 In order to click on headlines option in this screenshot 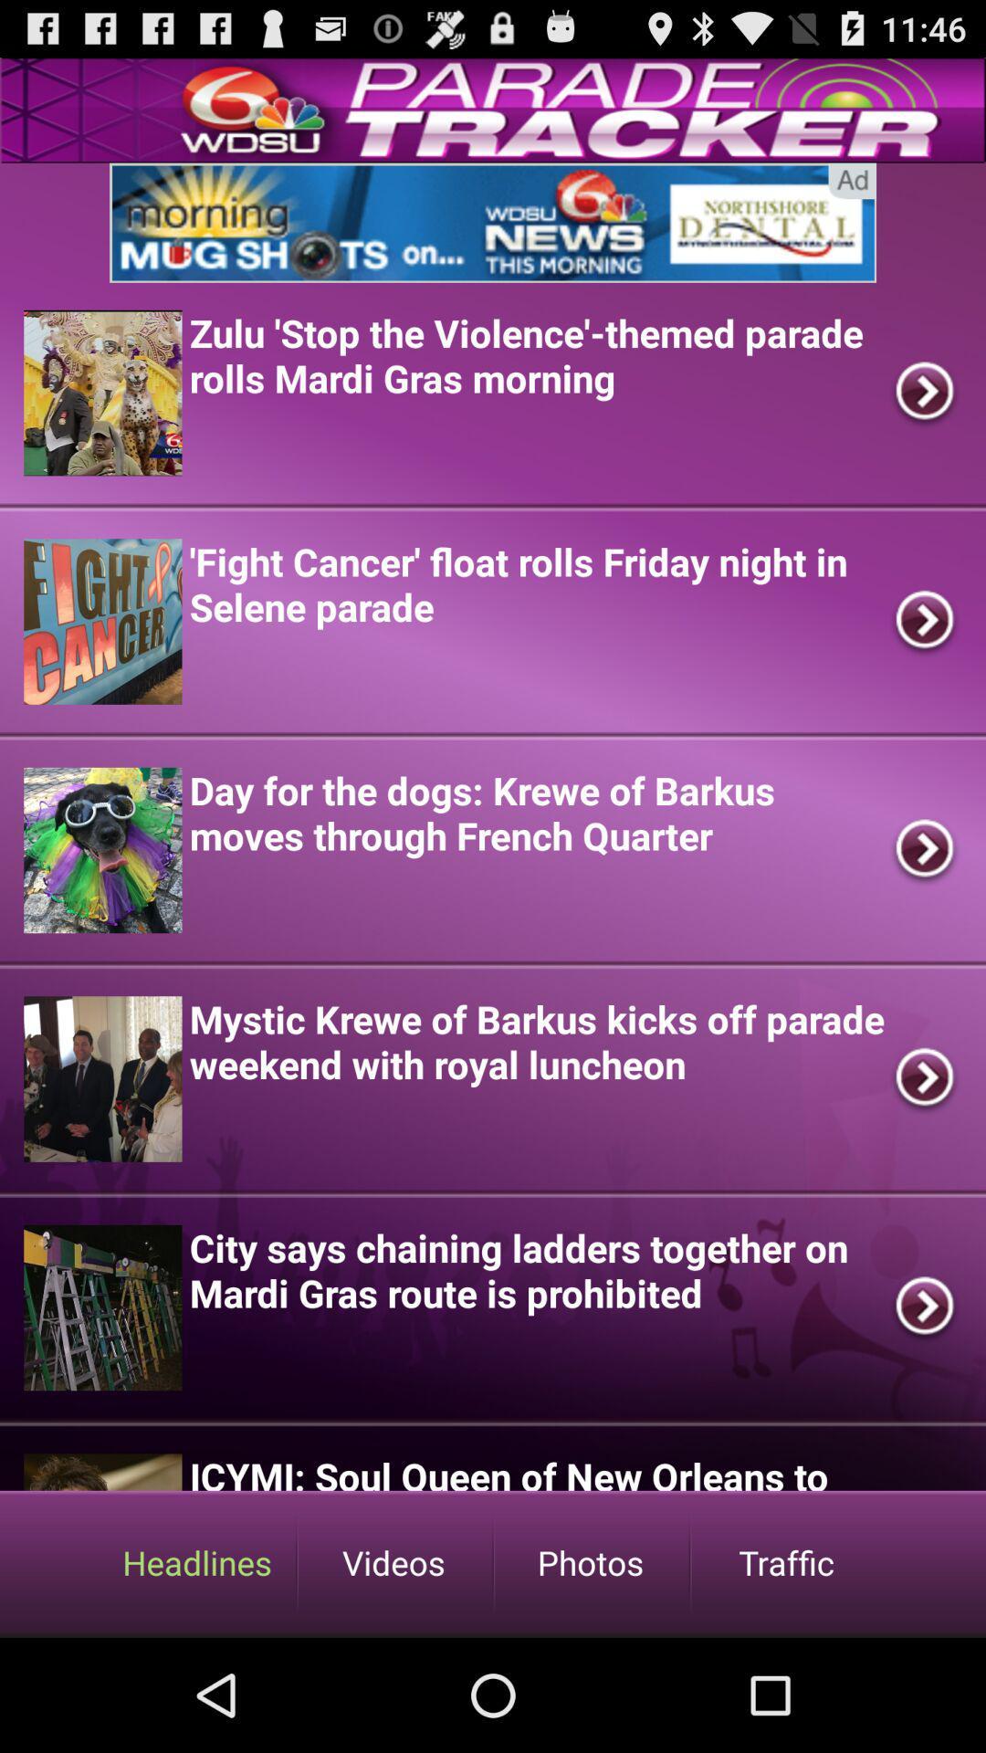, I will do `click(197, 1561)`.